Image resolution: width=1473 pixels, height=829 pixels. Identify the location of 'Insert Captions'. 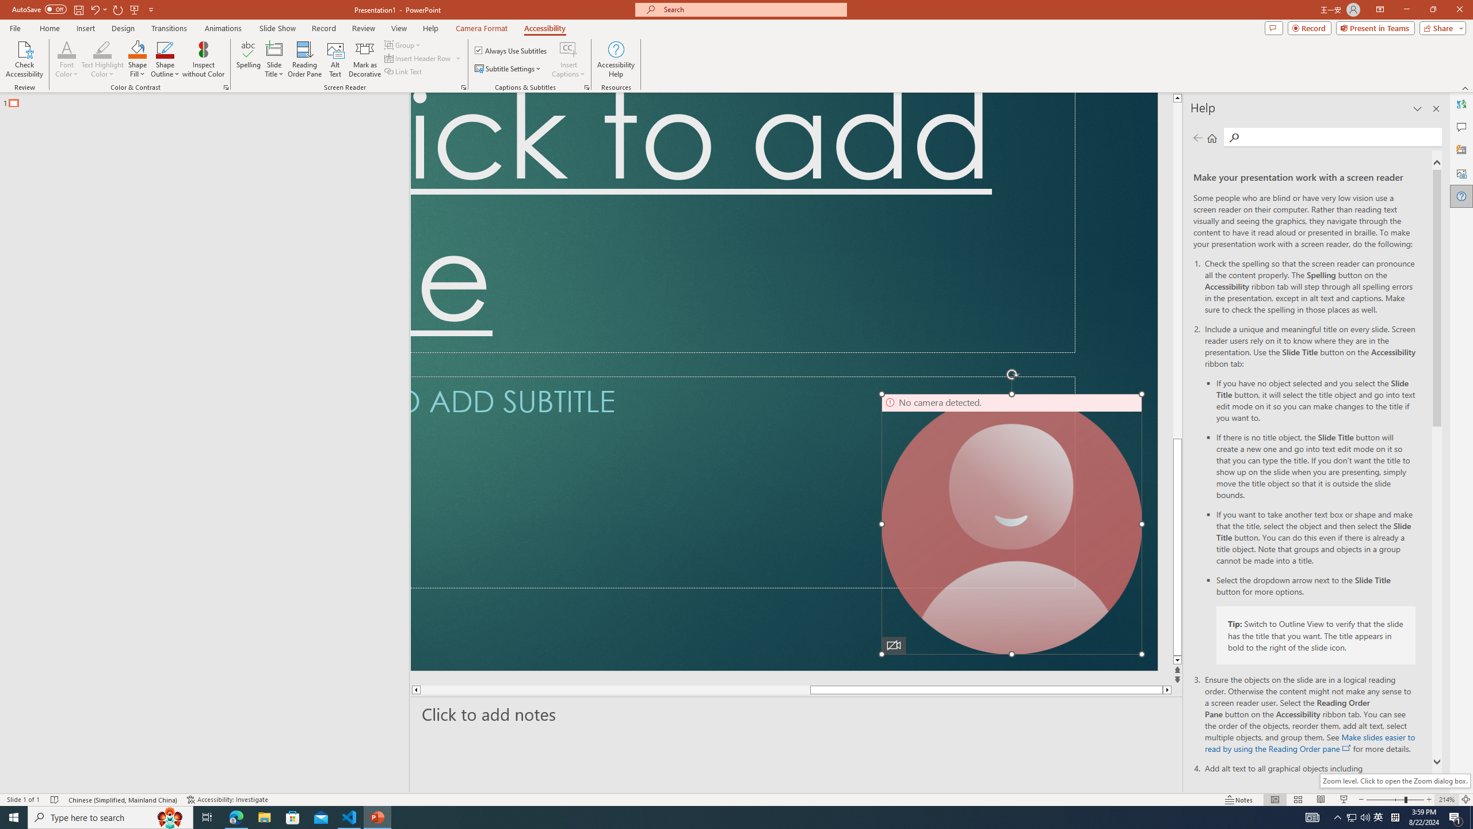
(568, 59).